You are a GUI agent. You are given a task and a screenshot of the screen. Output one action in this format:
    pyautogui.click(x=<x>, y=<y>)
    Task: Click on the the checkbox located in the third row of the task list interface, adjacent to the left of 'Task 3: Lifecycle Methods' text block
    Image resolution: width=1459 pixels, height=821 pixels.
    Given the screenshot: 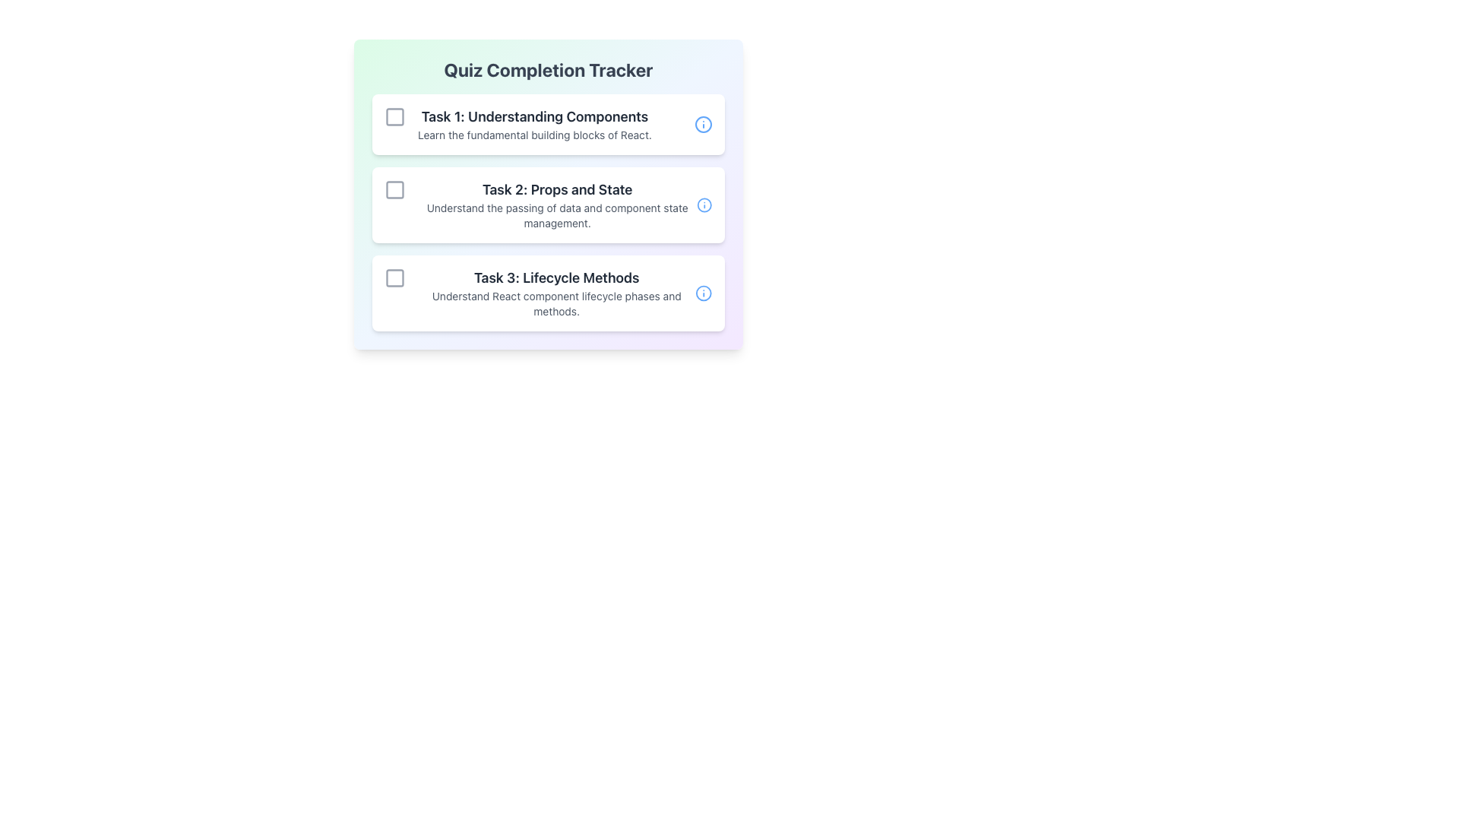 What is the action you would take?
    pyautogui.click(x=394, y=278)
    